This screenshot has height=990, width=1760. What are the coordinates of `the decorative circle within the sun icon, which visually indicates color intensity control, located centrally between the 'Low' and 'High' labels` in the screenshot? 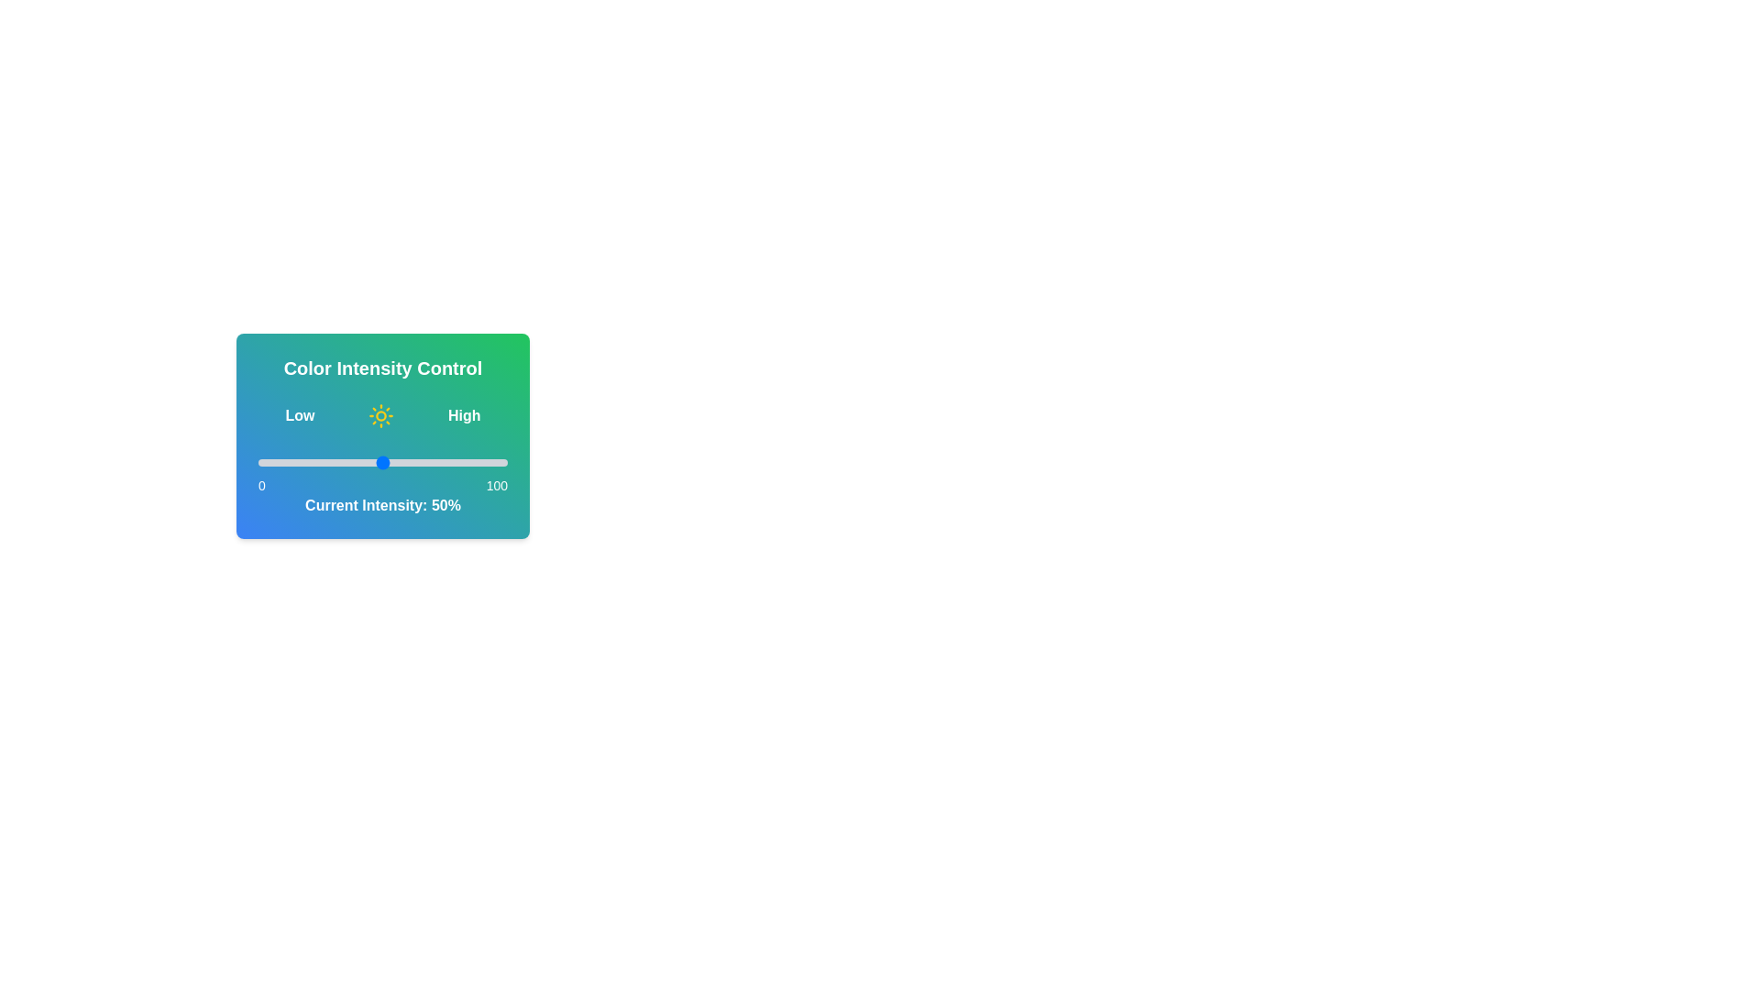 It's located at (380, 416).